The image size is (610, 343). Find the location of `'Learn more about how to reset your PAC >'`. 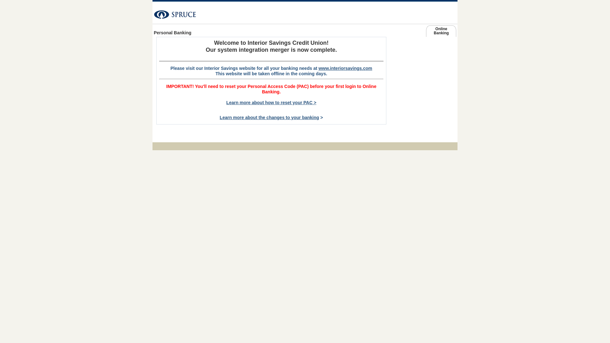

'Learn more about how to reset your PAC >' is located at coordinates (271, 102).